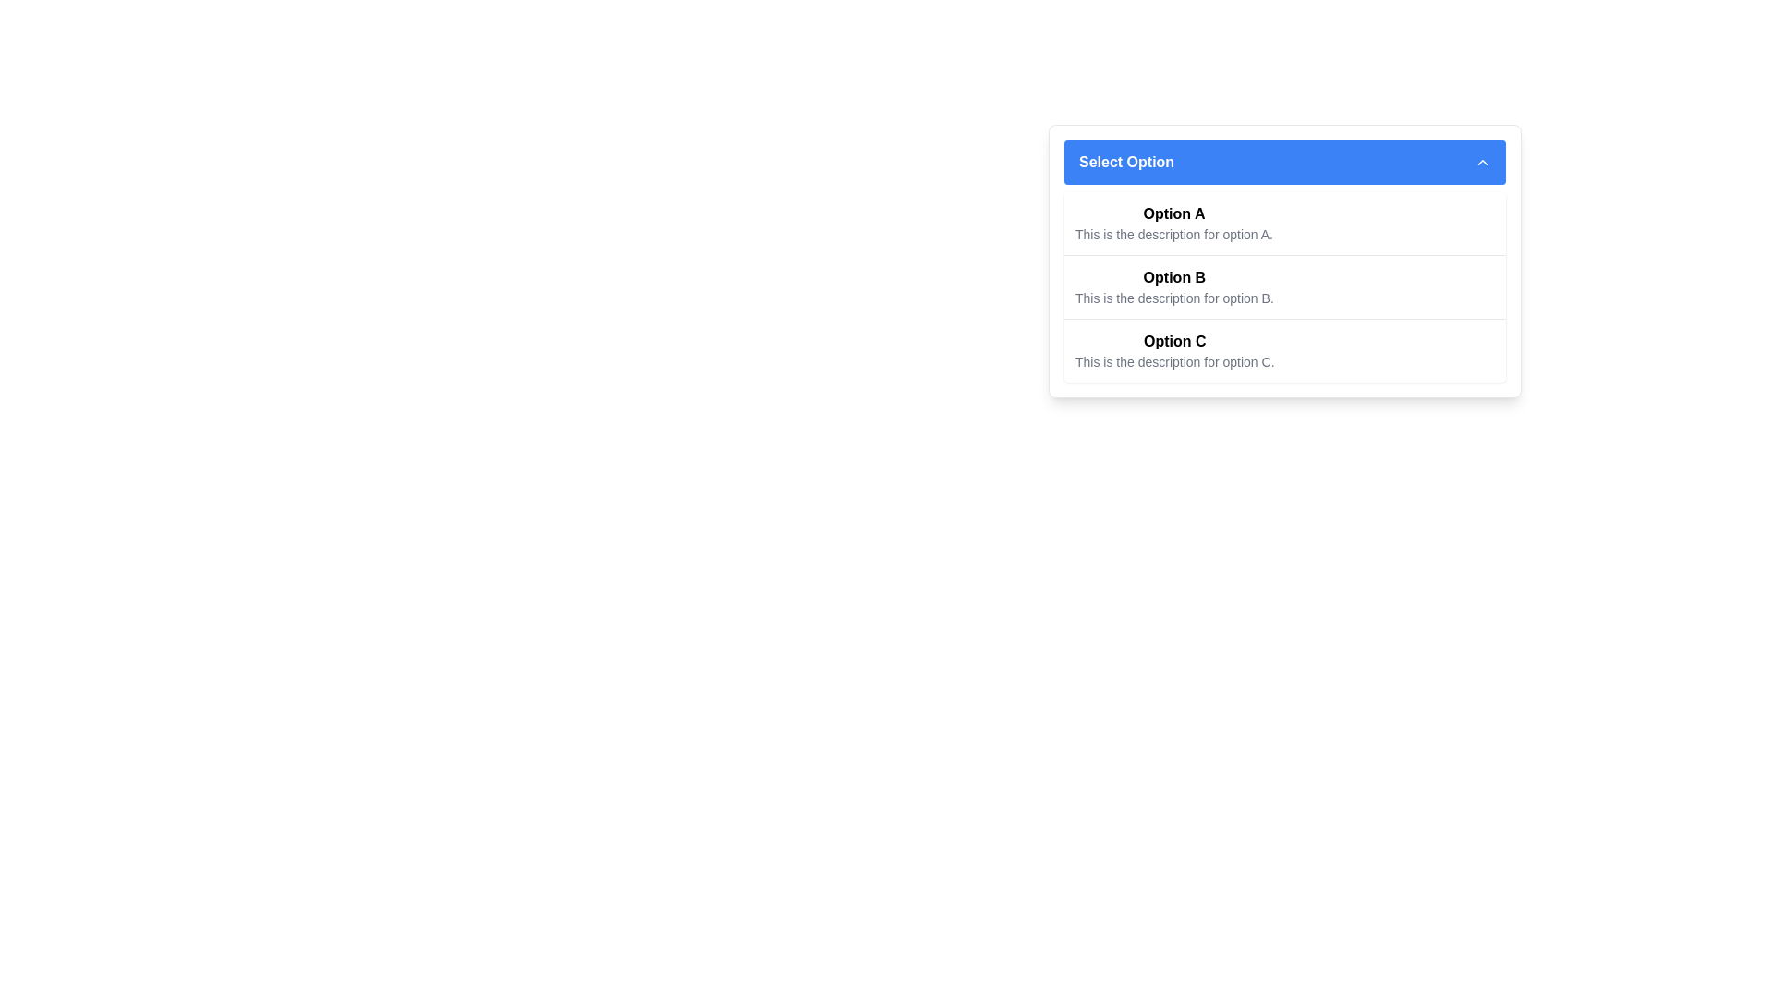  I want to click on the dropdown menu labeled 'Select Option' and select the second option, 'Option B', using the keyboard, so click(1284, 261).